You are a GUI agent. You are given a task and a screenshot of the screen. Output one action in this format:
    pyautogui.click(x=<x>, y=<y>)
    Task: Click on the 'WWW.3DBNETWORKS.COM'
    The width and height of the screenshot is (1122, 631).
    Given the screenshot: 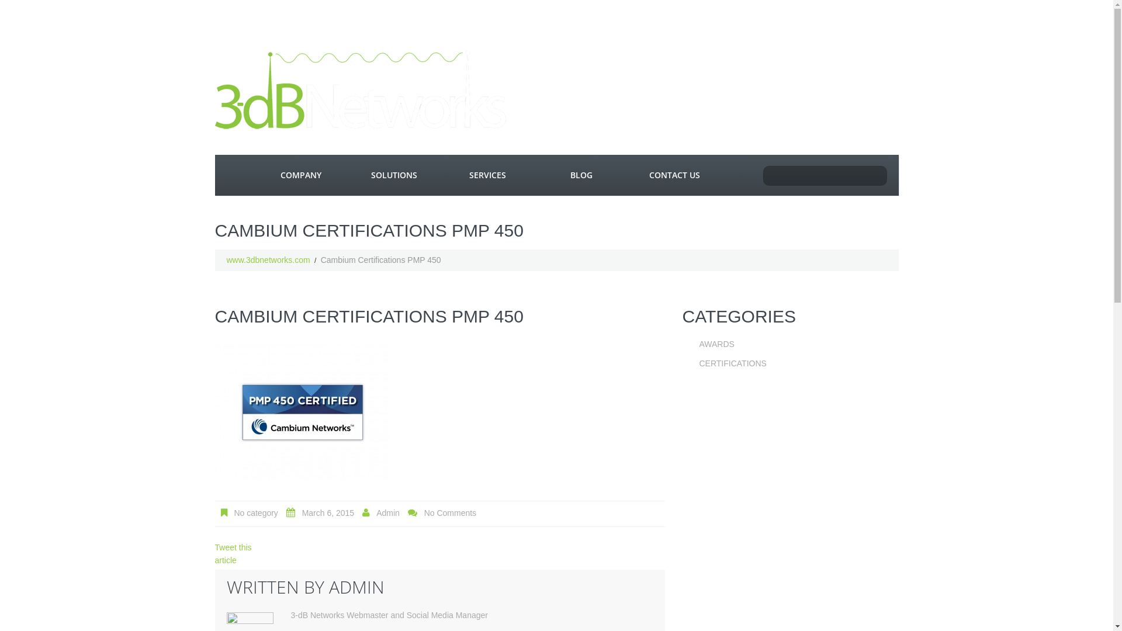 What is the action you would take?
    pyautogui.click(x=234, y=175)
    